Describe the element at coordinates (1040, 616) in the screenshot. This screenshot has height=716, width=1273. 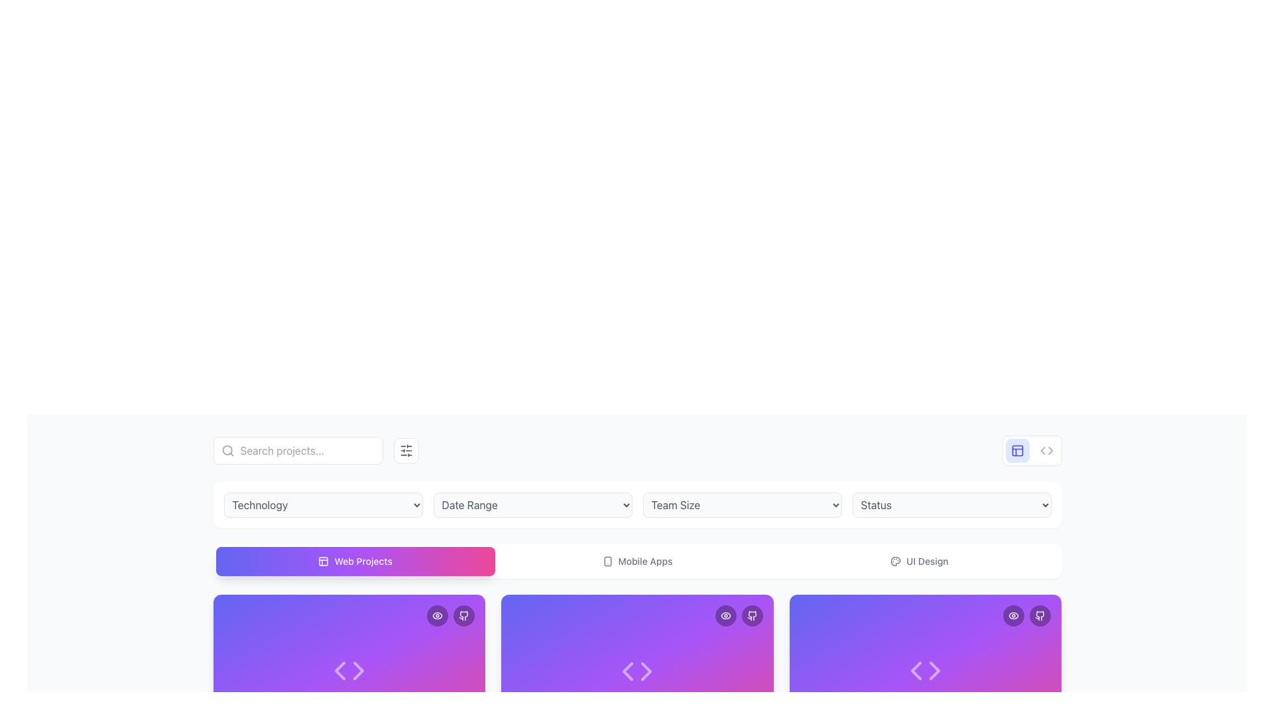
I see `the GitHub SVG icon located in the top-right corner of the interface, which is the only icon inside a circular button` at that location.